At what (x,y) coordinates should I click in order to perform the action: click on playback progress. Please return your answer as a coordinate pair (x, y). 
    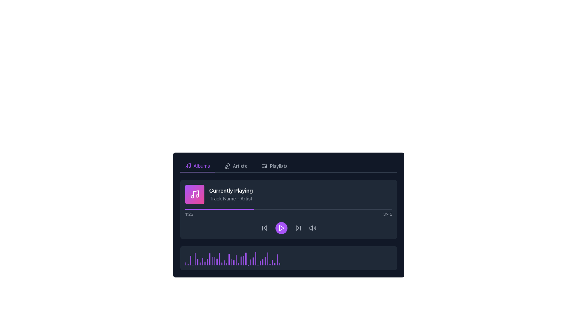
    Looking at the image, I should click on (344, 209).